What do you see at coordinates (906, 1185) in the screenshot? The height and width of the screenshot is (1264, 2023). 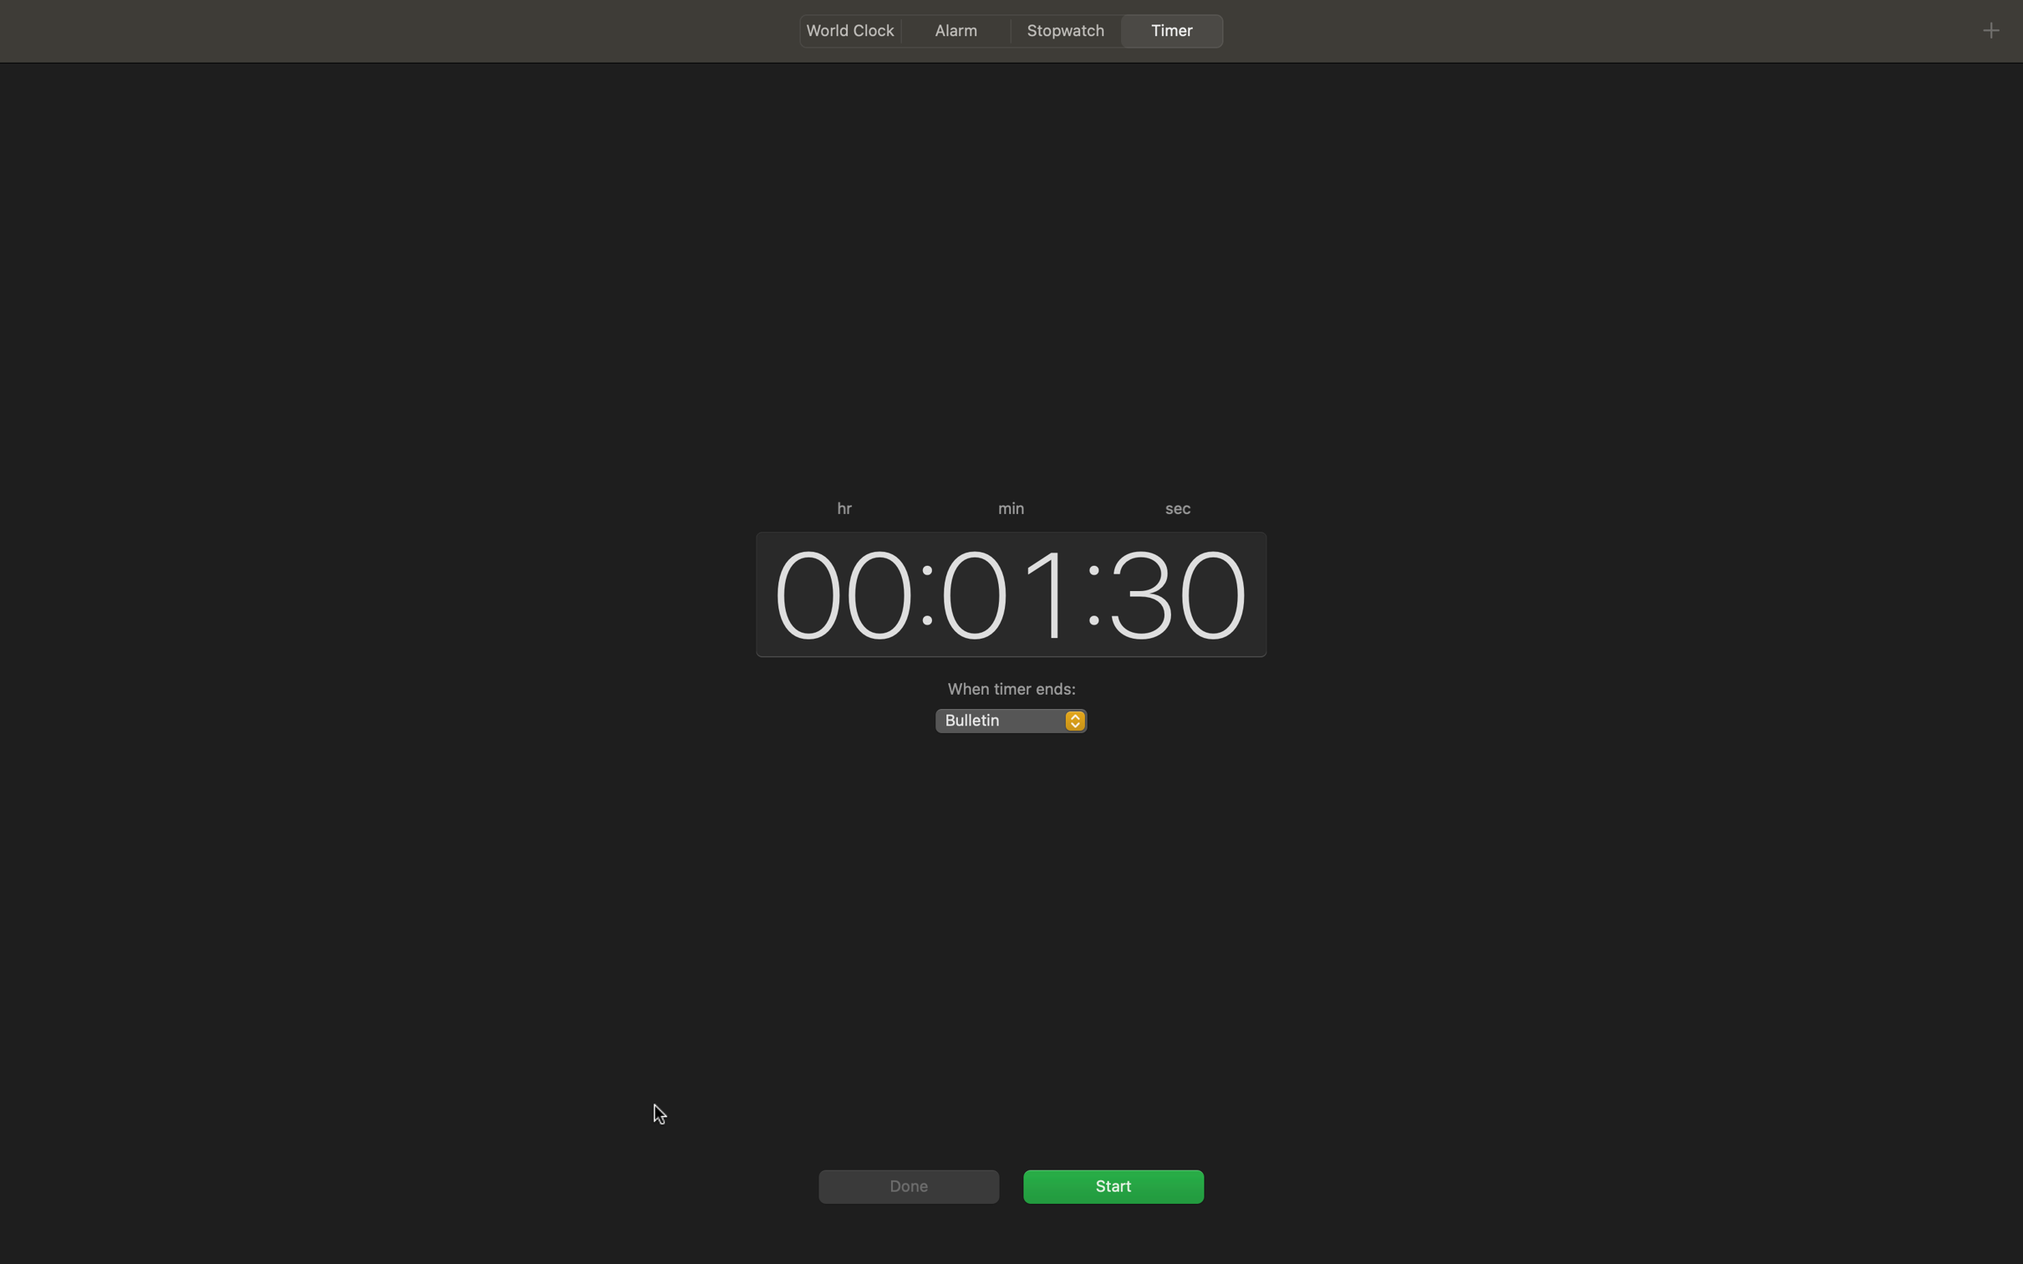 I see `the "done" button` at bounding box center [906, 1185].